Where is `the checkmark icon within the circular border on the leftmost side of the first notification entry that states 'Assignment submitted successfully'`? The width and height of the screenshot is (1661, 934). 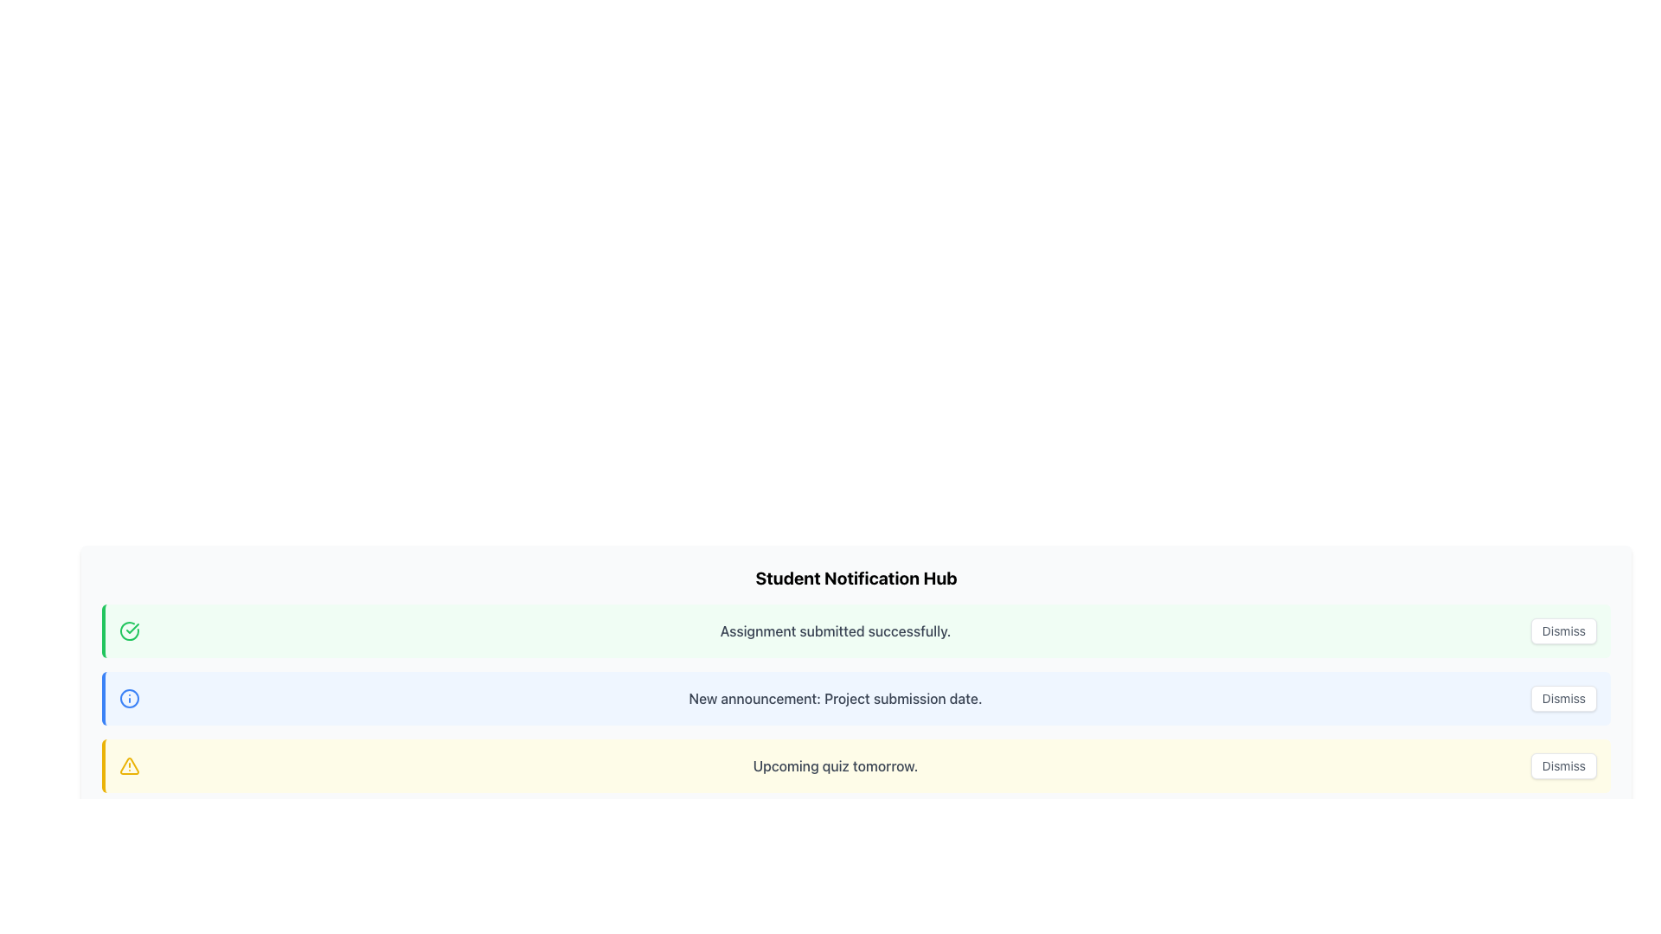 the checkmark icon within the circular border on the leftmost side of the first notification entry that states 'Assignment submitted successfully' is located at coordinates (131, 628).